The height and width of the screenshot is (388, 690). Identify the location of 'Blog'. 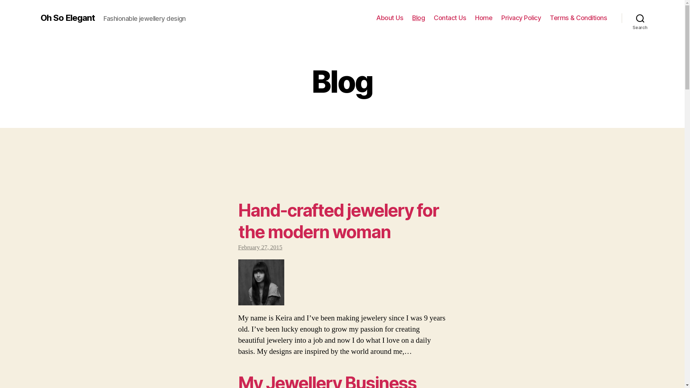
(418, 18).